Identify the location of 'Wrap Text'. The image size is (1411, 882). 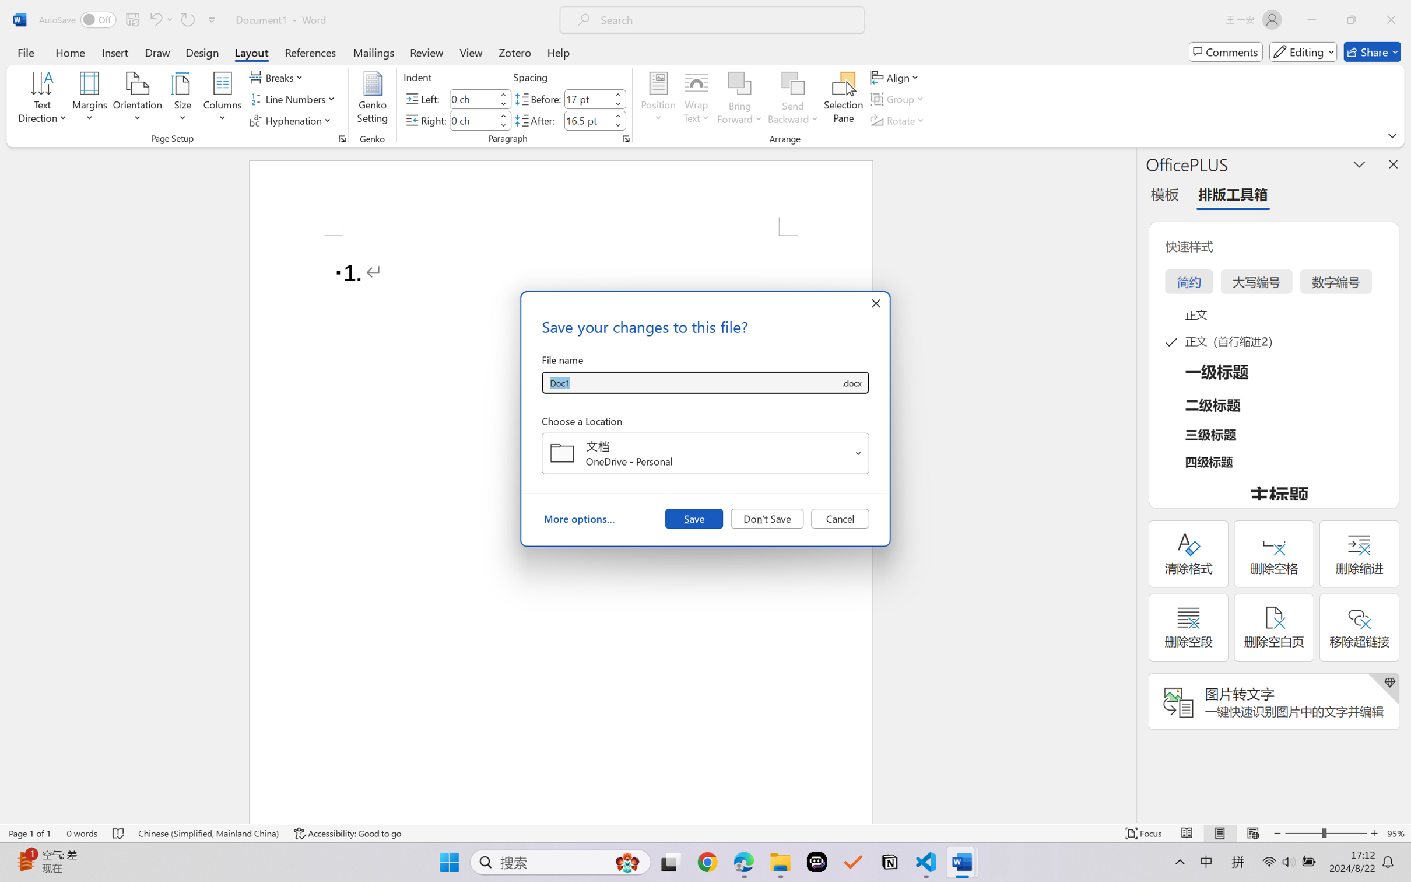
(696, 99).